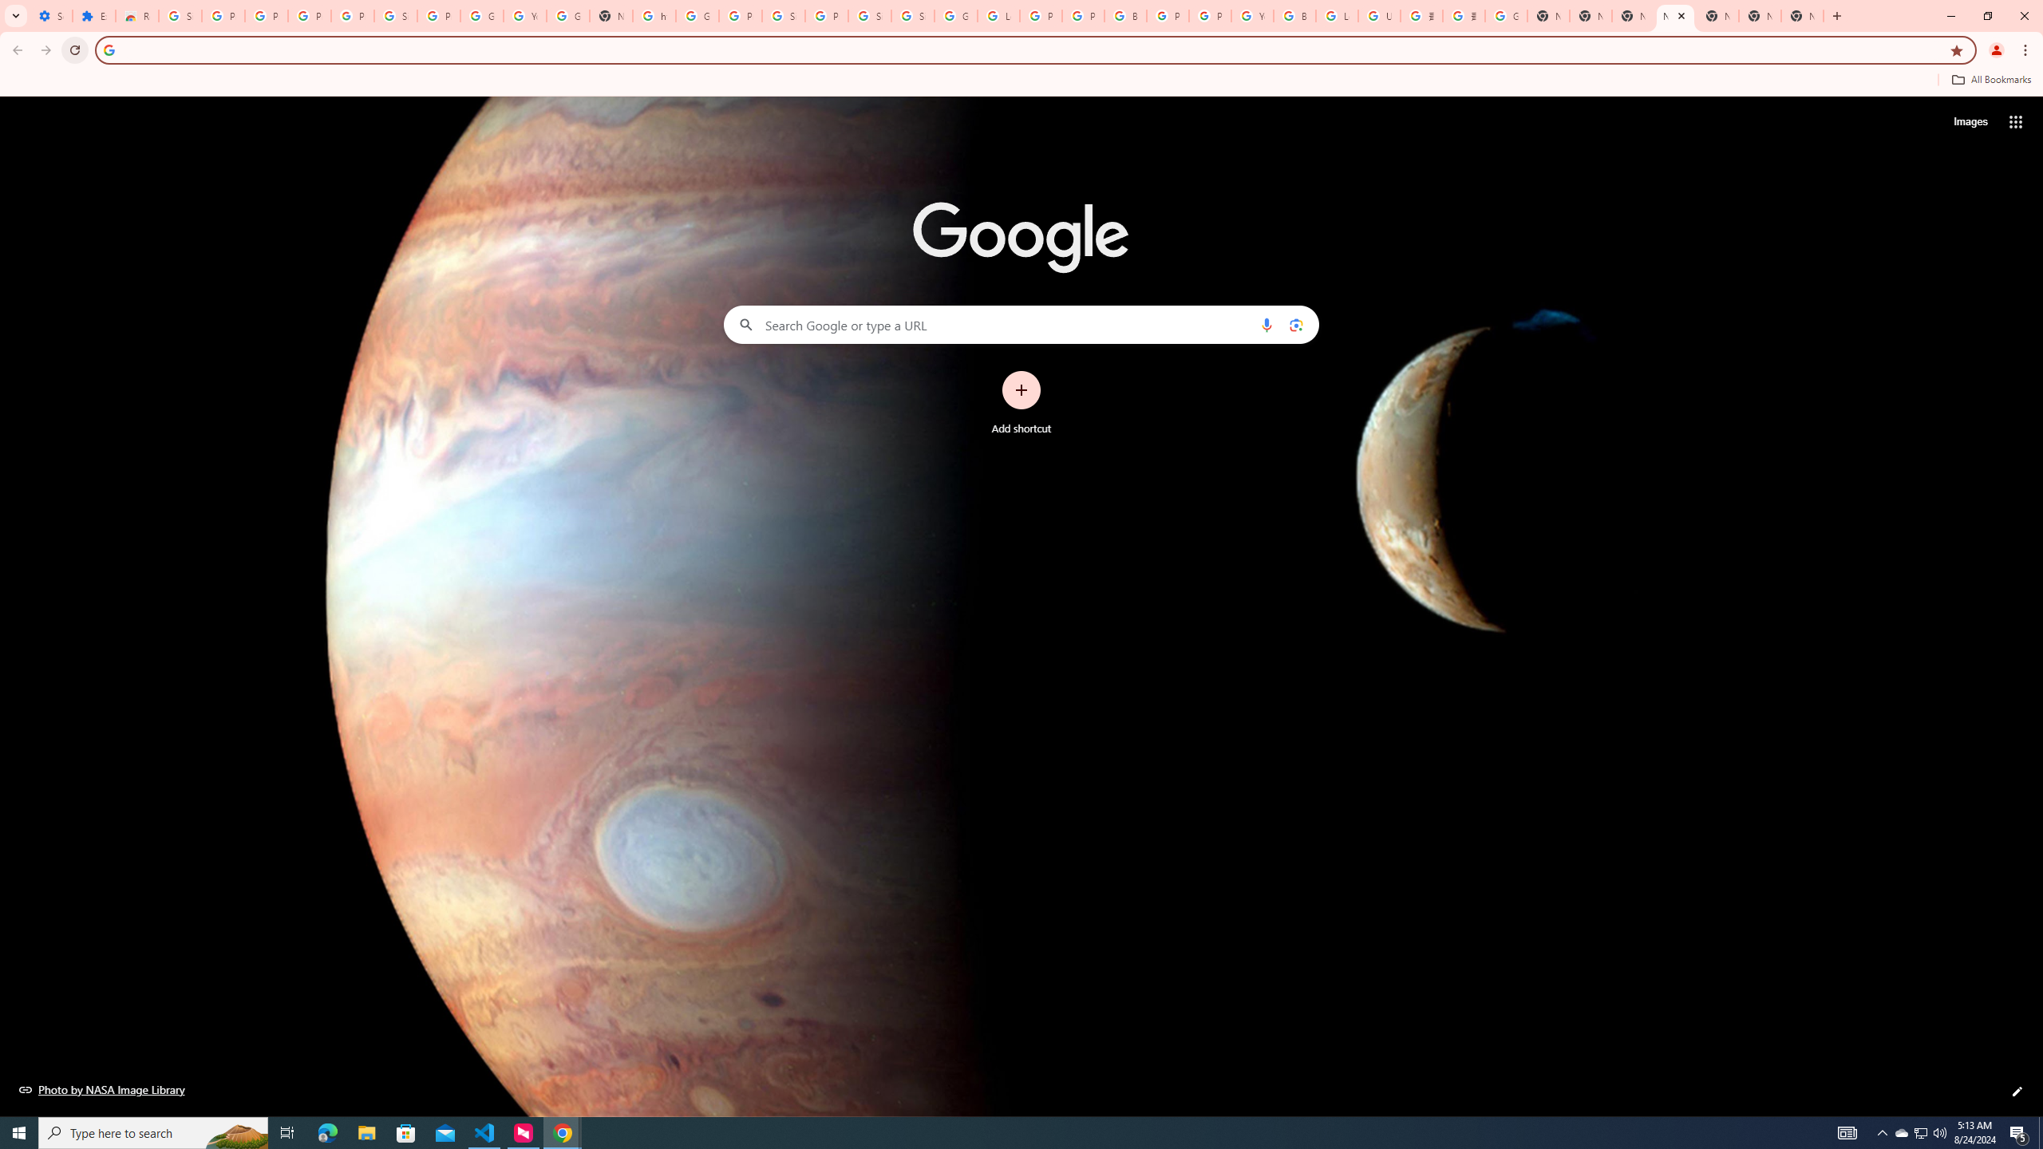 This screenshot has height=1149, width=2043. Describe the element at coordinates (869, 15) in the screenshot. I see `'Sign in - Google Accounts'` at that location.